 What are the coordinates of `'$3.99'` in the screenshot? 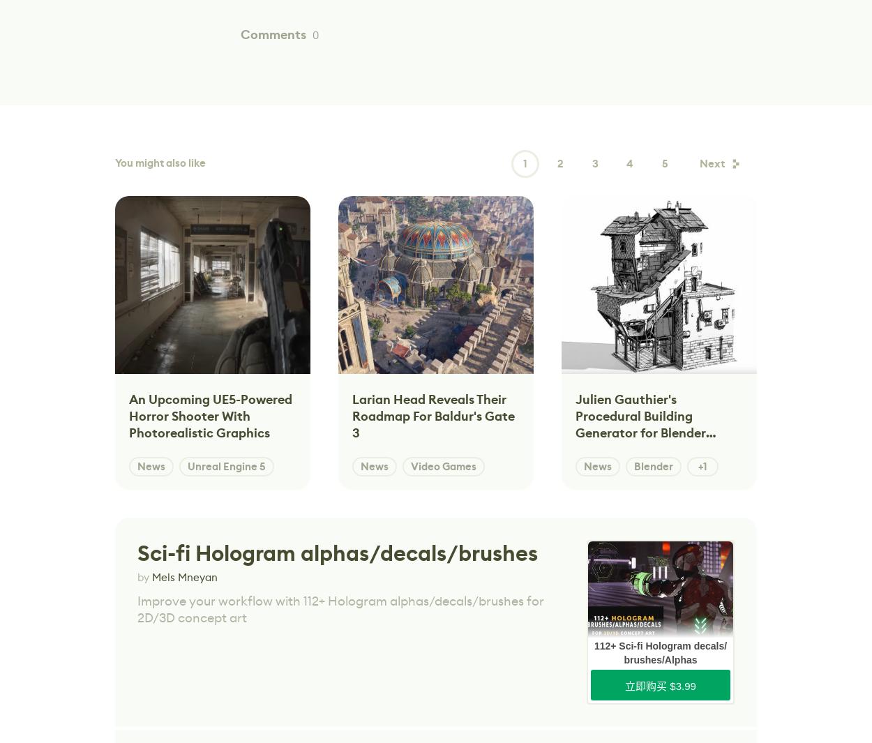 It's located at (682, 685).